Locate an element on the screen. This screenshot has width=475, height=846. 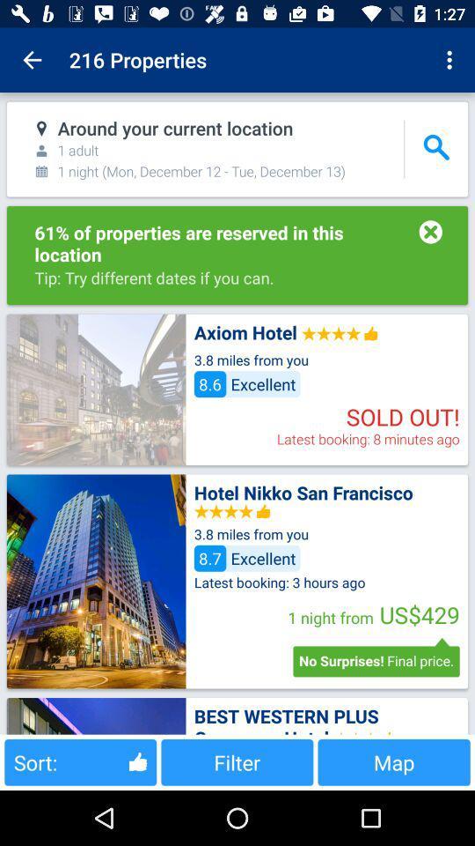
item to the right of the 216 properties icon is located at coordinates (451, 60).